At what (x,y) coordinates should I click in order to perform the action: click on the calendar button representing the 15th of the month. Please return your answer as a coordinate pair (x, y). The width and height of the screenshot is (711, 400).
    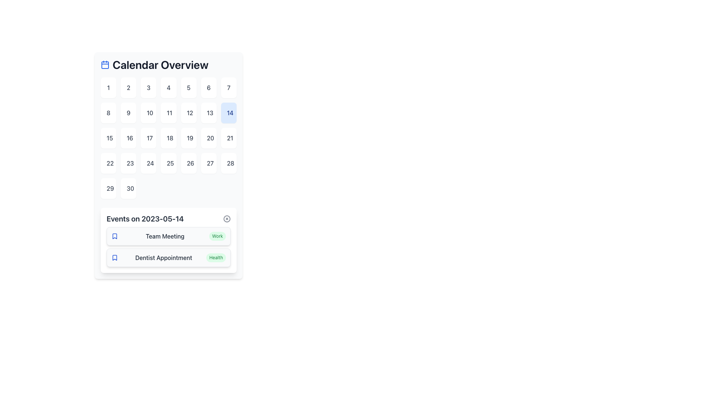
    Looking at the image, I should click on (108, 138).